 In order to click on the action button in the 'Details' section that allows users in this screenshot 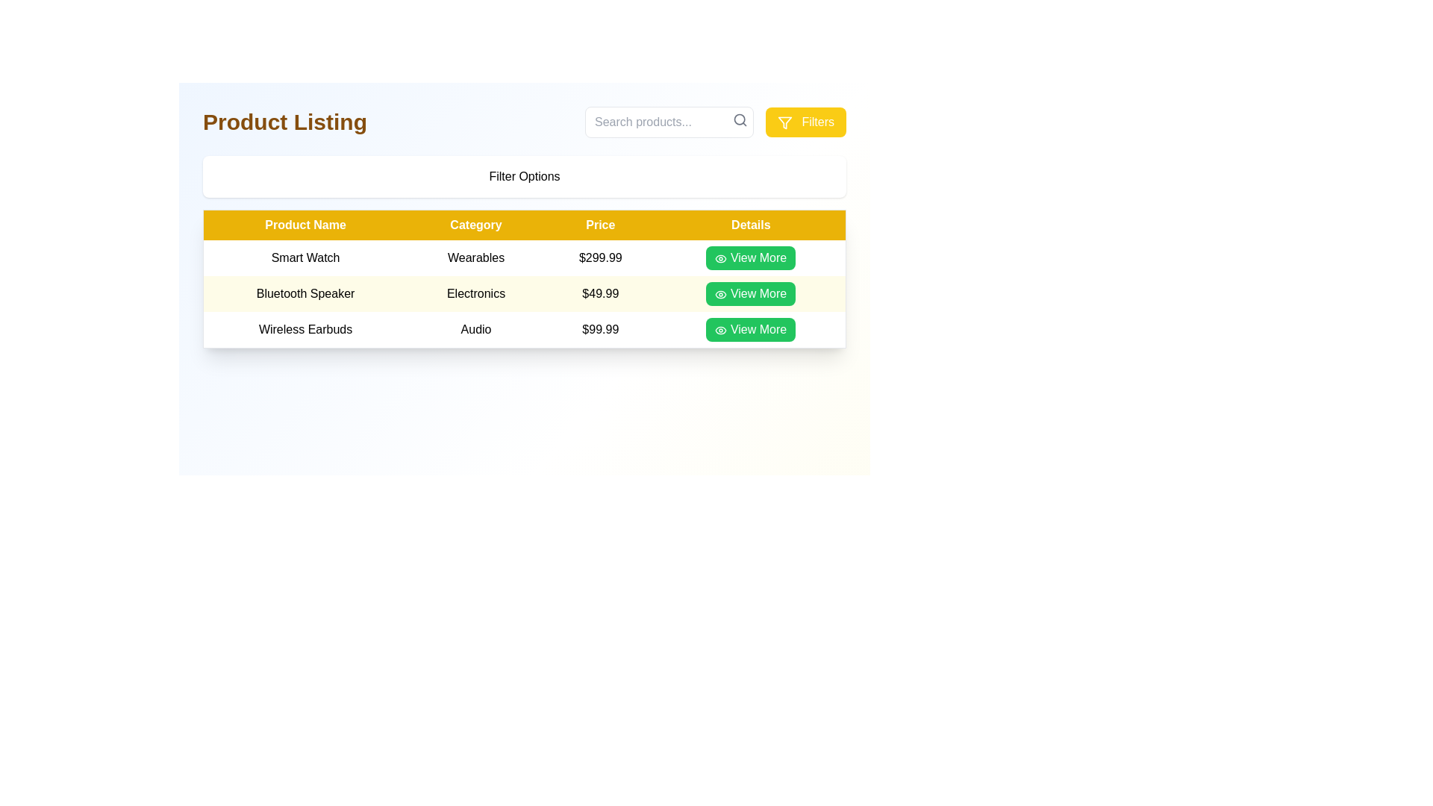, I will do `click(751, 257)`.